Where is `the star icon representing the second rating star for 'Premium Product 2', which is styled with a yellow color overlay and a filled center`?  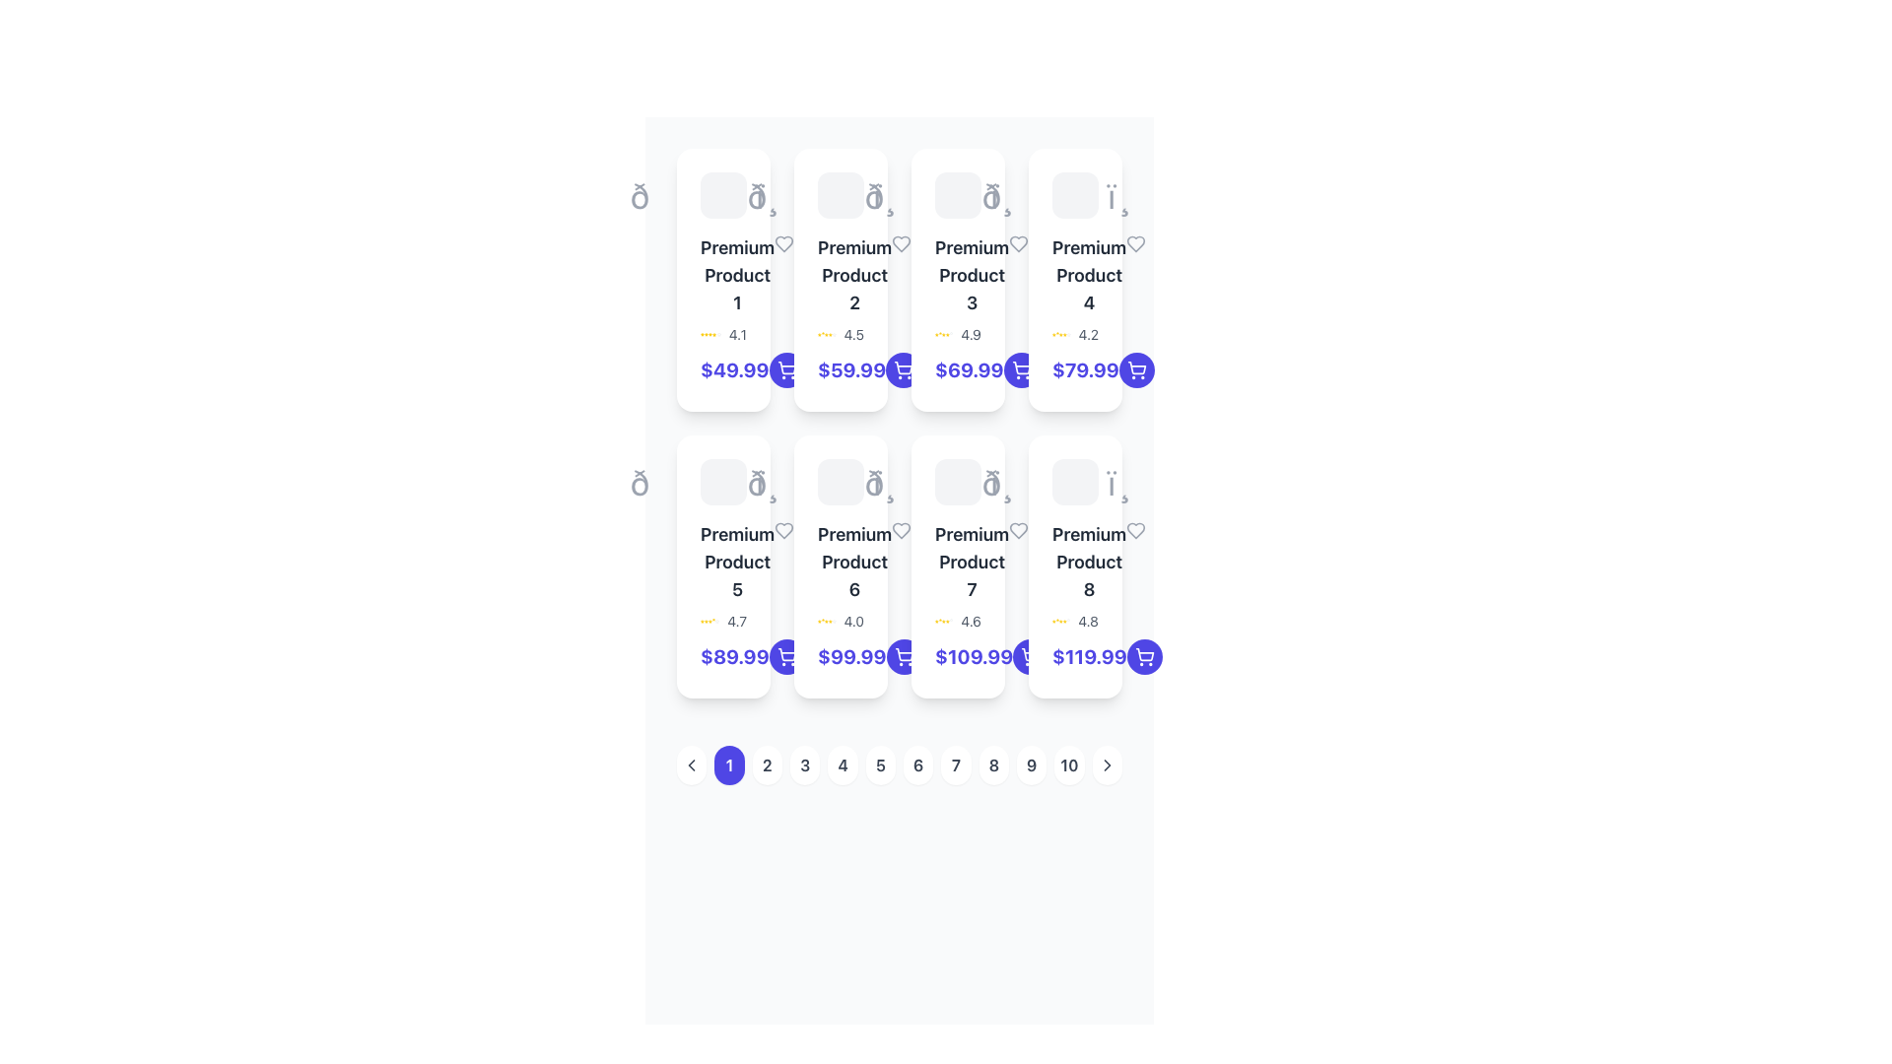 the star icon representing the second rating star for 'Premium Product 2', which is styled with a yellow color overlay and a filled center is located at coordinates (823, 333).